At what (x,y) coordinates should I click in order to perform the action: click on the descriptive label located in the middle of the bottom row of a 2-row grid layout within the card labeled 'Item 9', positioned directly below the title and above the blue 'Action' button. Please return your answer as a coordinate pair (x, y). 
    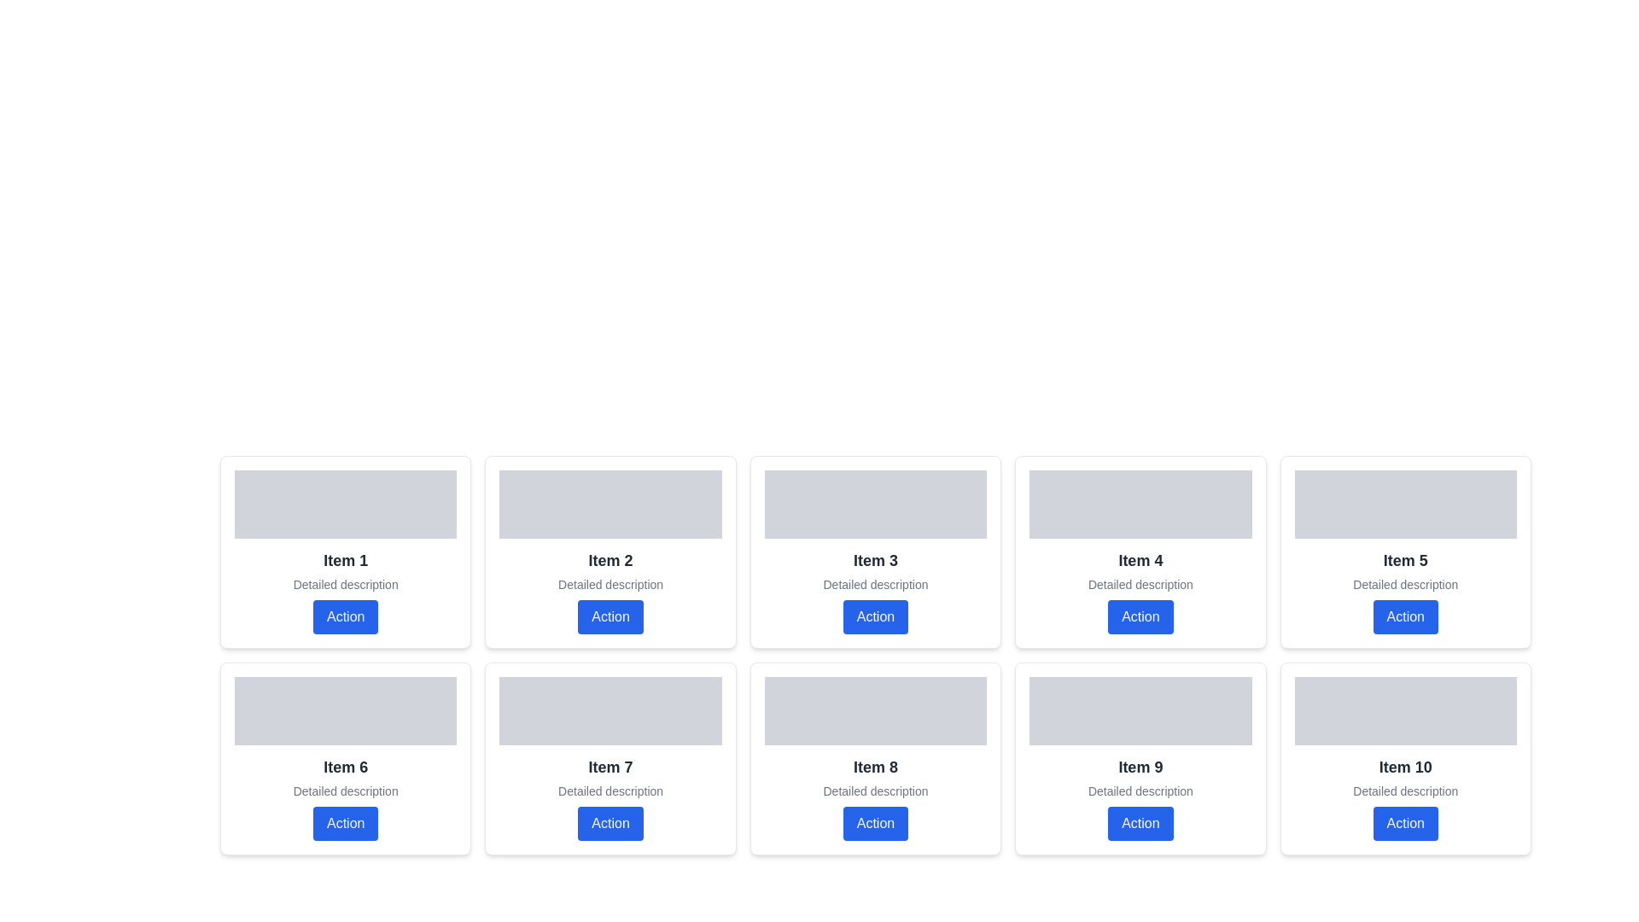
    Looking at the image, I should click on (1140, 791).